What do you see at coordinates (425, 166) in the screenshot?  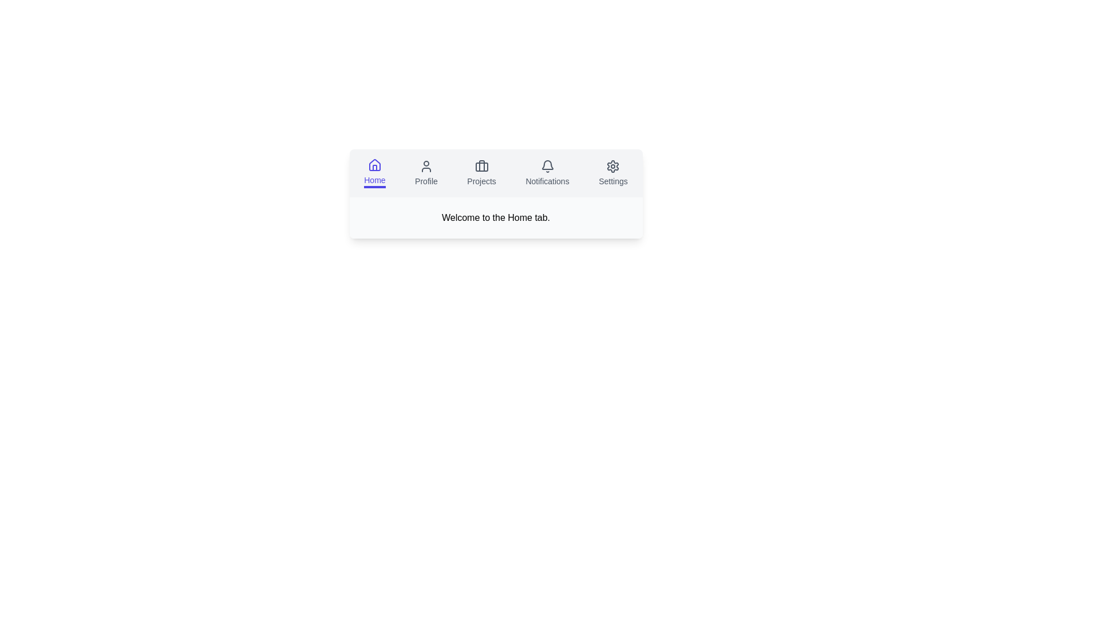 I see `the user profile icon represented by a minimalist line drawing of a head and shoulders, located in the navigation bar above the 'Profile' label` at bounding box center [425, 166].